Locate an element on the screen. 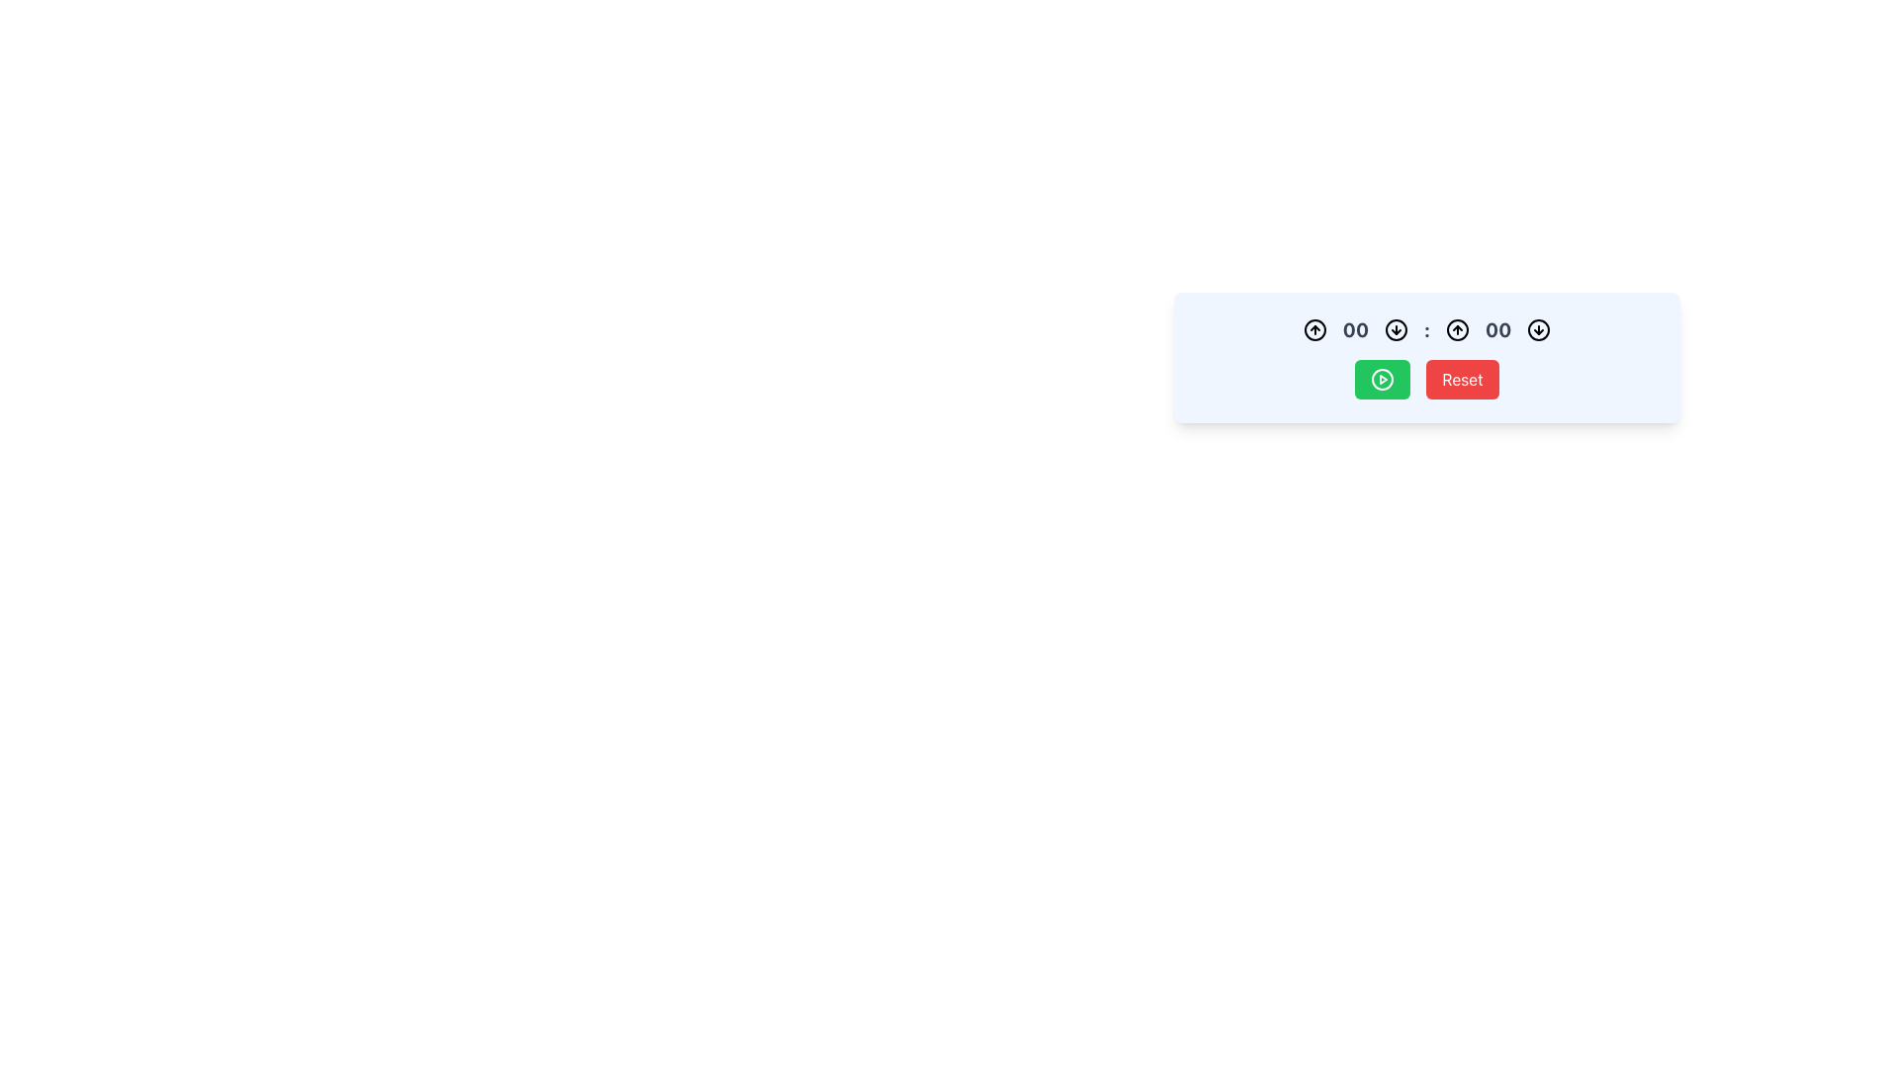  properties of the Circular graphic (SVG element) located at the center of an icon group that includes arrows and a circular boundary is located at coordinates (1395, 329).